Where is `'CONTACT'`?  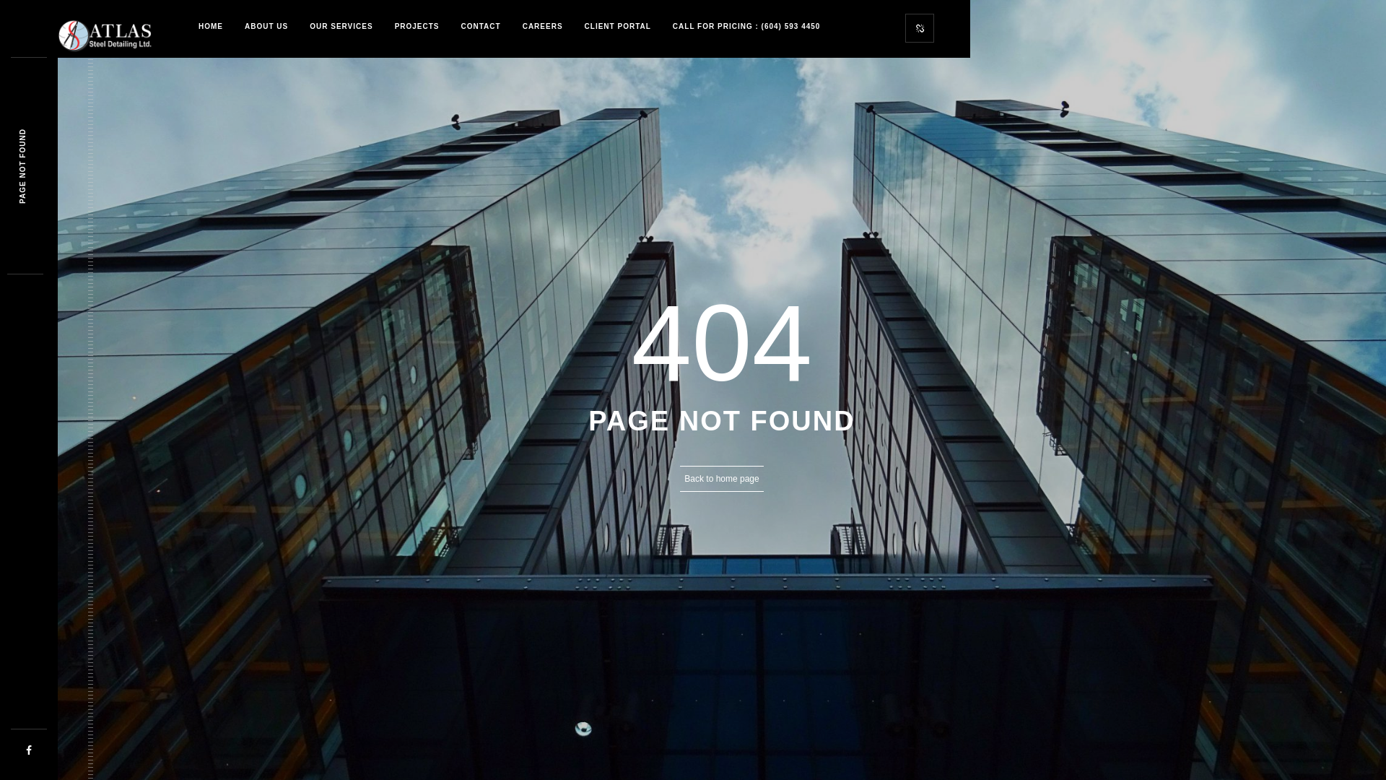
'CONTACT' is located at coordinates (481, 27).